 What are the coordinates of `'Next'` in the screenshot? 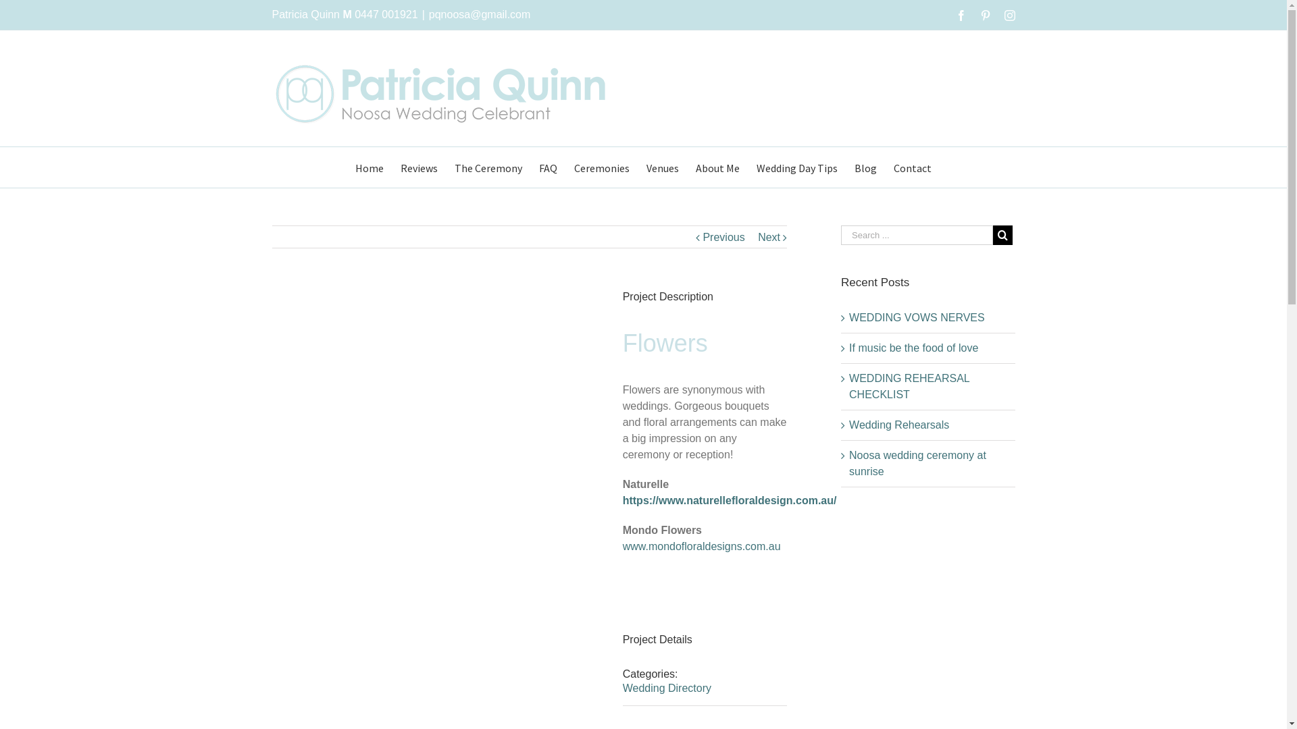 It's located at (769, 236).